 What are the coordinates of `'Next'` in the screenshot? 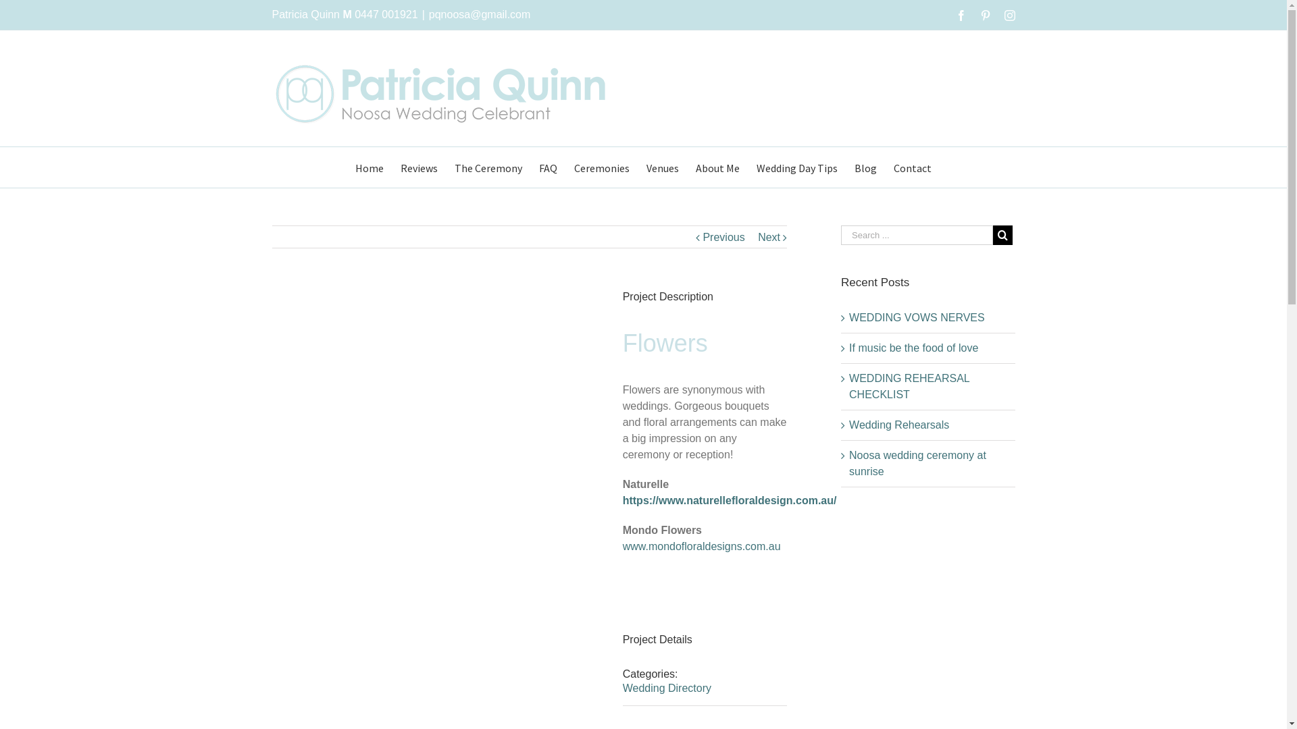 It's located at (769, 236).